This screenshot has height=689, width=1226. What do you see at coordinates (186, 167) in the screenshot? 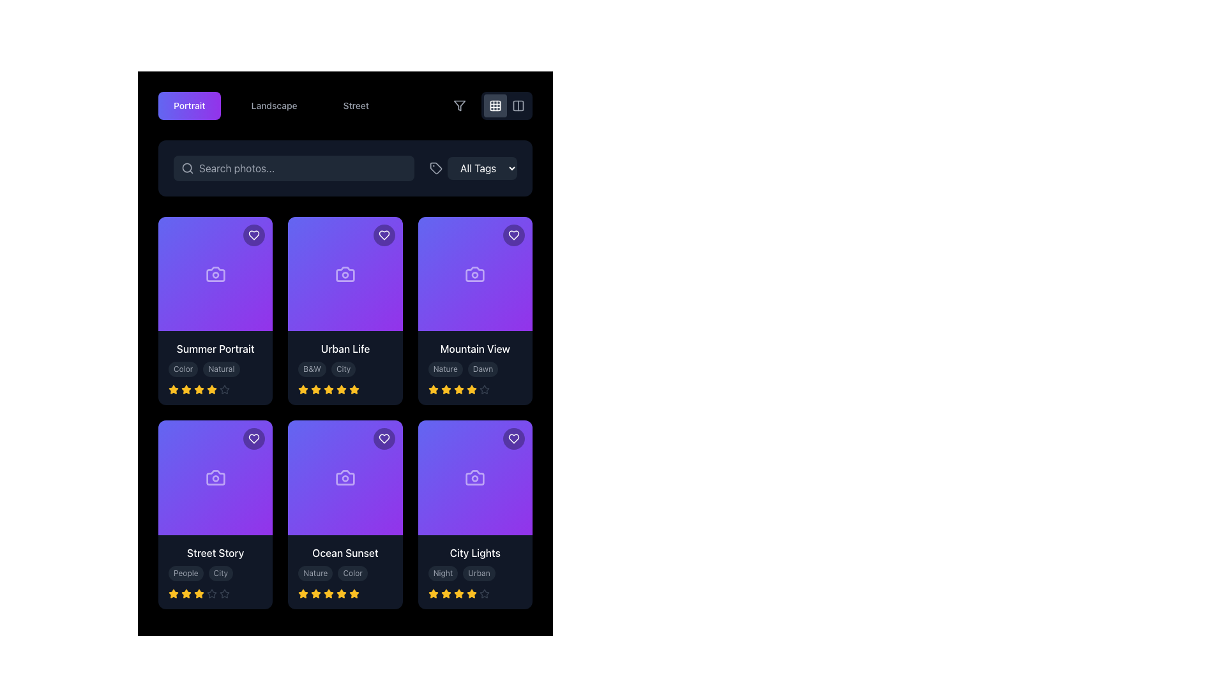
I see `the decorative SVG shape within the search icon located in the top bar of the interface, which is part of the input box labeled 'Search photos...'` at bounding box center [186, 167].